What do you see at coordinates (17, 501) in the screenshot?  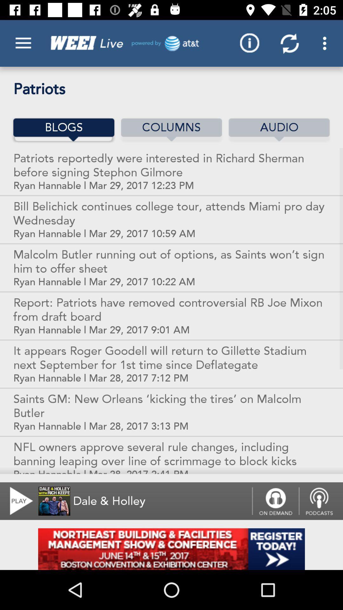 I see `the play icon` at bounding box center [17, 501].